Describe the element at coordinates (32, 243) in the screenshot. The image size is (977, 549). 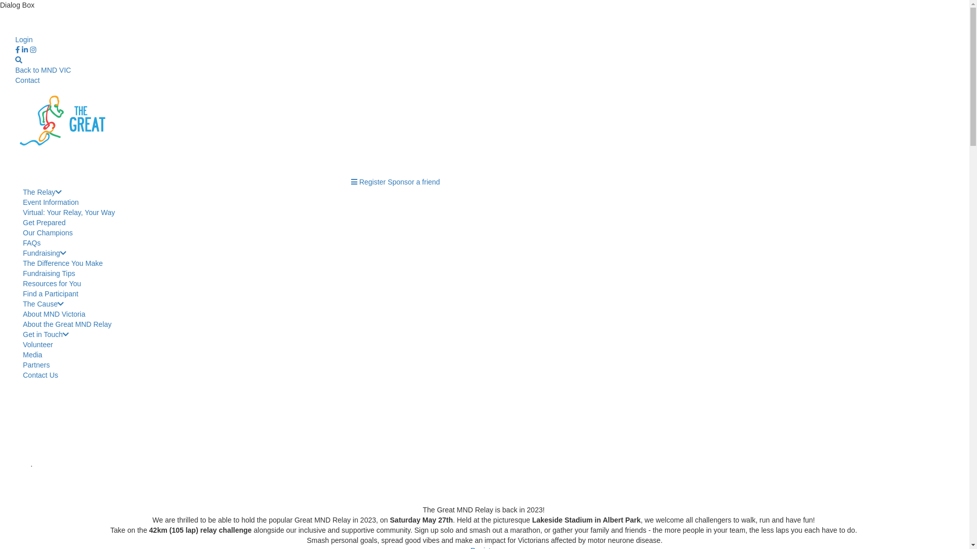
I see `'FAQs'` at that location.